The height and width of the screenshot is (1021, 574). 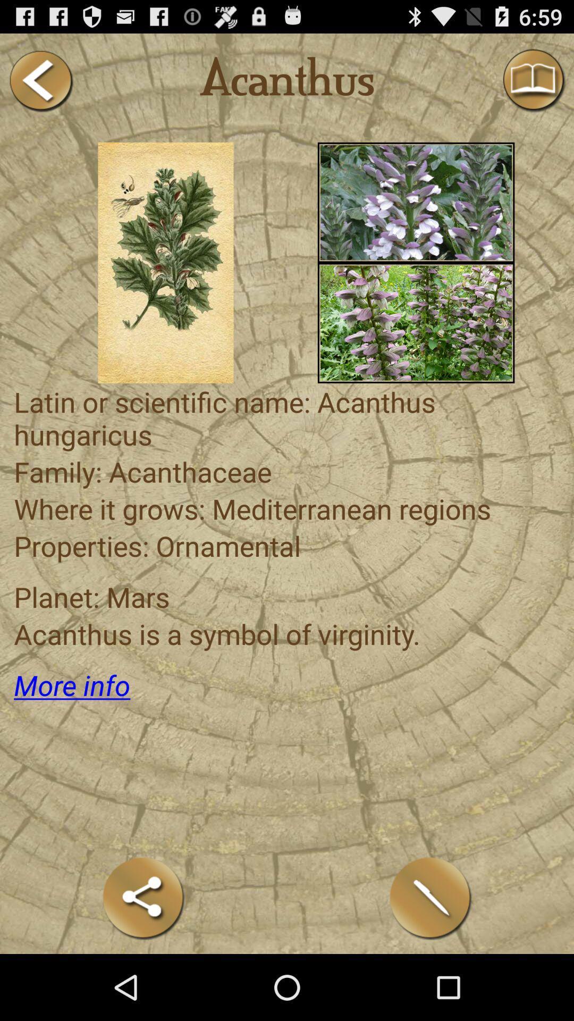 I want to click on flower, so click(x=416, y=202).